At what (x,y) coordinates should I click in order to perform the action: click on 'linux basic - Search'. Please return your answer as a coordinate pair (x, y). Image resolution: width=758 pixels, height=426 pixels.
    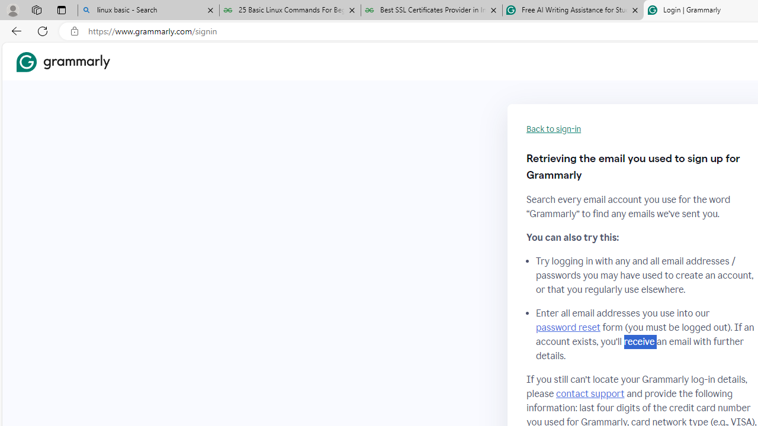
    Looking at the image, I should click on (147, 10).